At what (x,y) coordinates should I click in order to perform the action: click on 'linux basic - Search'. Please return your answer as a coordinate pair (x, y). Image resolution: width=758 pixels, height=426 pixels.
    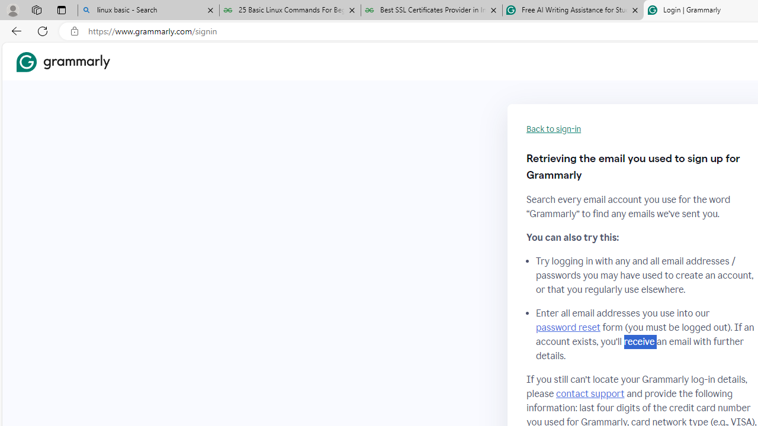
    Looking at the image, I should click on (147, 10).